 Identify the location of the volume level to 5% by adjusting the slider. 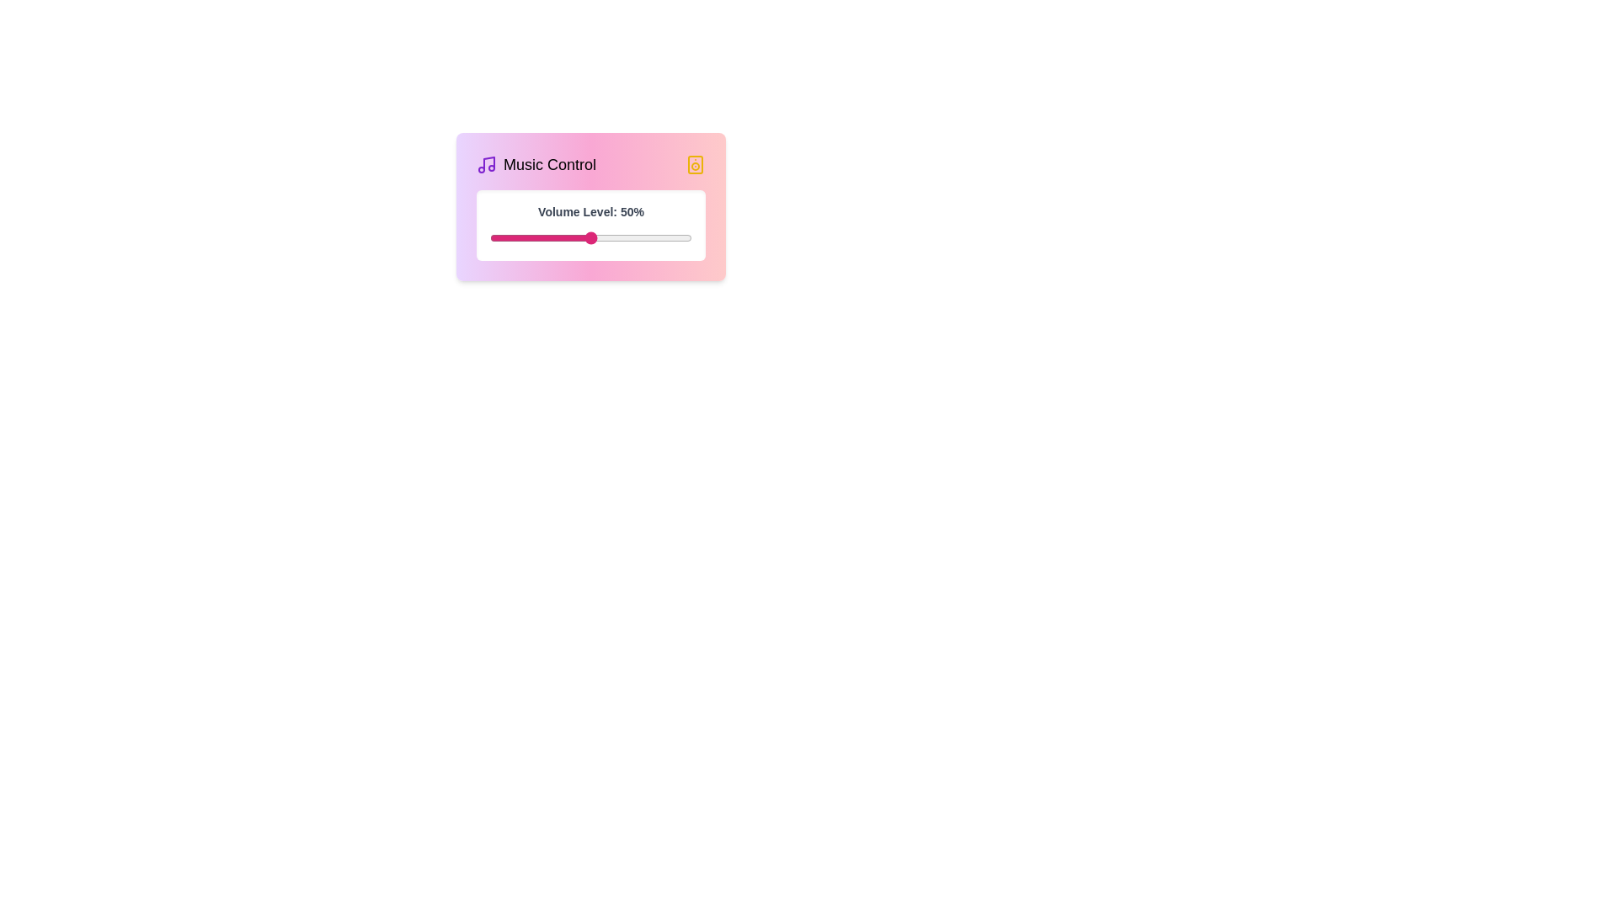
(499, 237).